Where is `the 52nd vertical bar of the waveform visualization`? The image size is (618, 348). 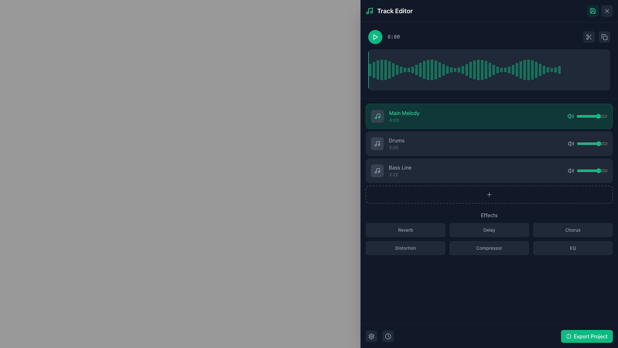
the 52nd vertical bar of the waveform visualization is located at coordinates (536, 70).